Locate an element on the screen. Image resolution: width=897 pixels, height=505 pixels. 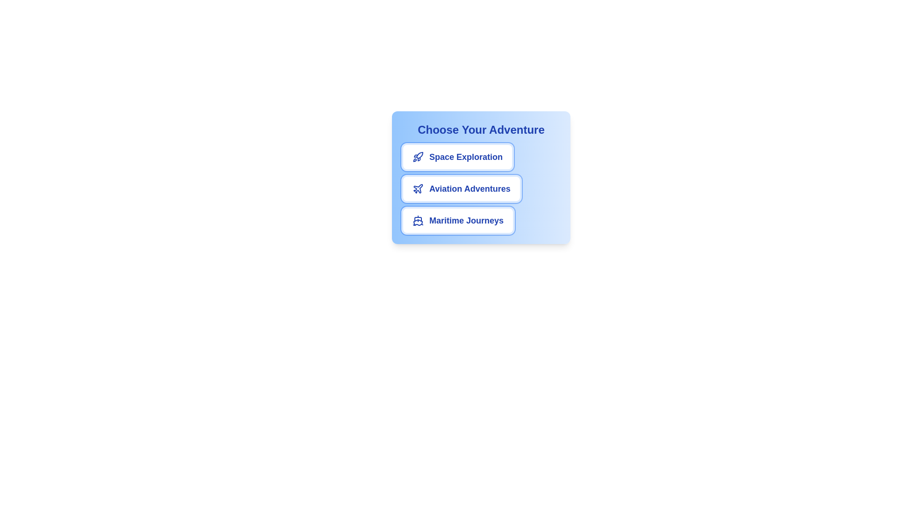
the chip labeled Maritime Journeys is located at coordinates (457, 220).